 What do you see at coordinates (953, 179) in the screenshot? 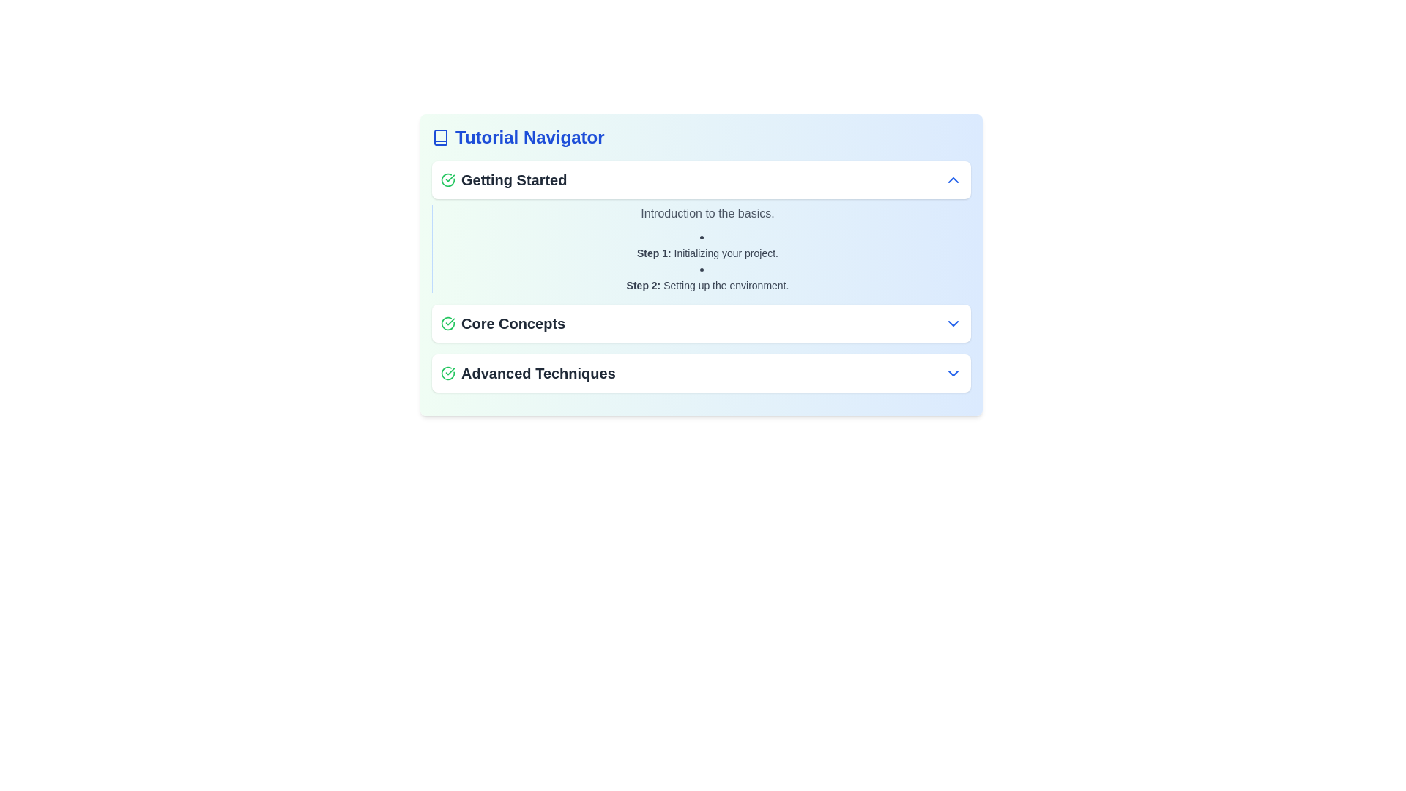
I see `the Collapse button icon at the far-right end of the 'Getting Started' section to trigger a potential focus effect` at bounding box center [953, 179].